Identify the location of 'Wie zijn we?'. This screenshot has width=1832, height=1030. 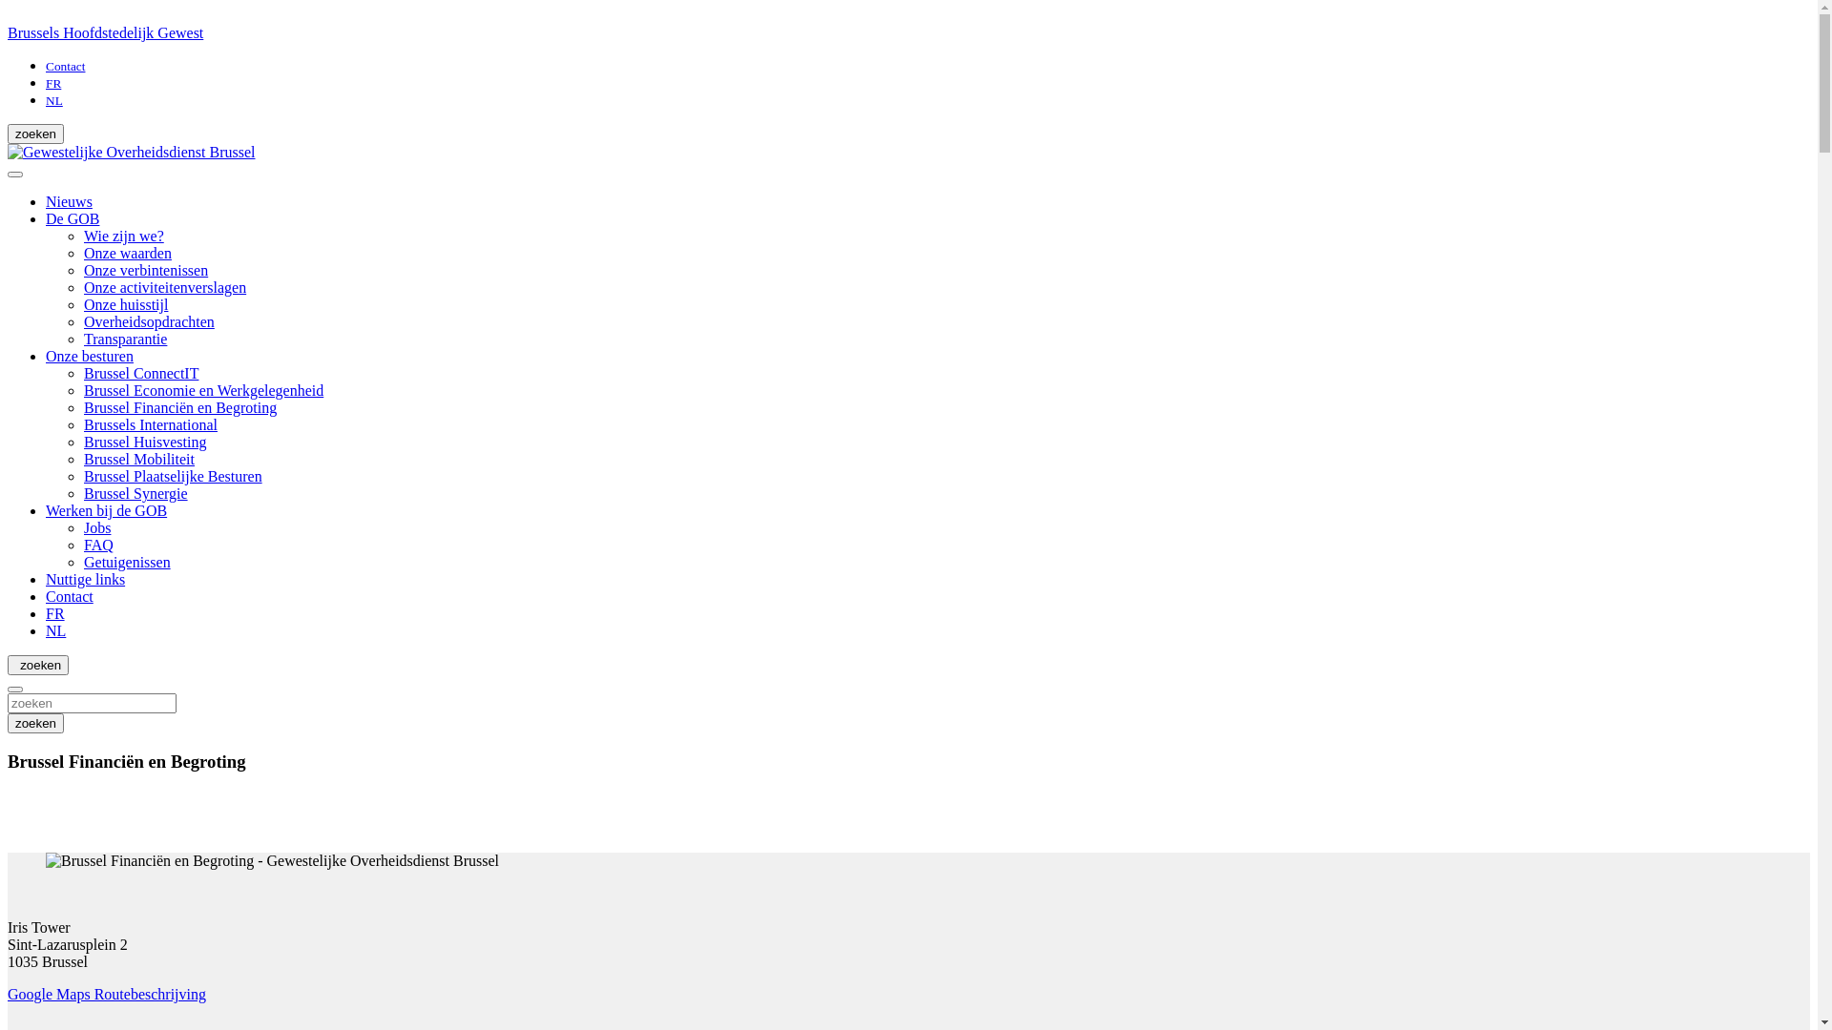
(82, 235).